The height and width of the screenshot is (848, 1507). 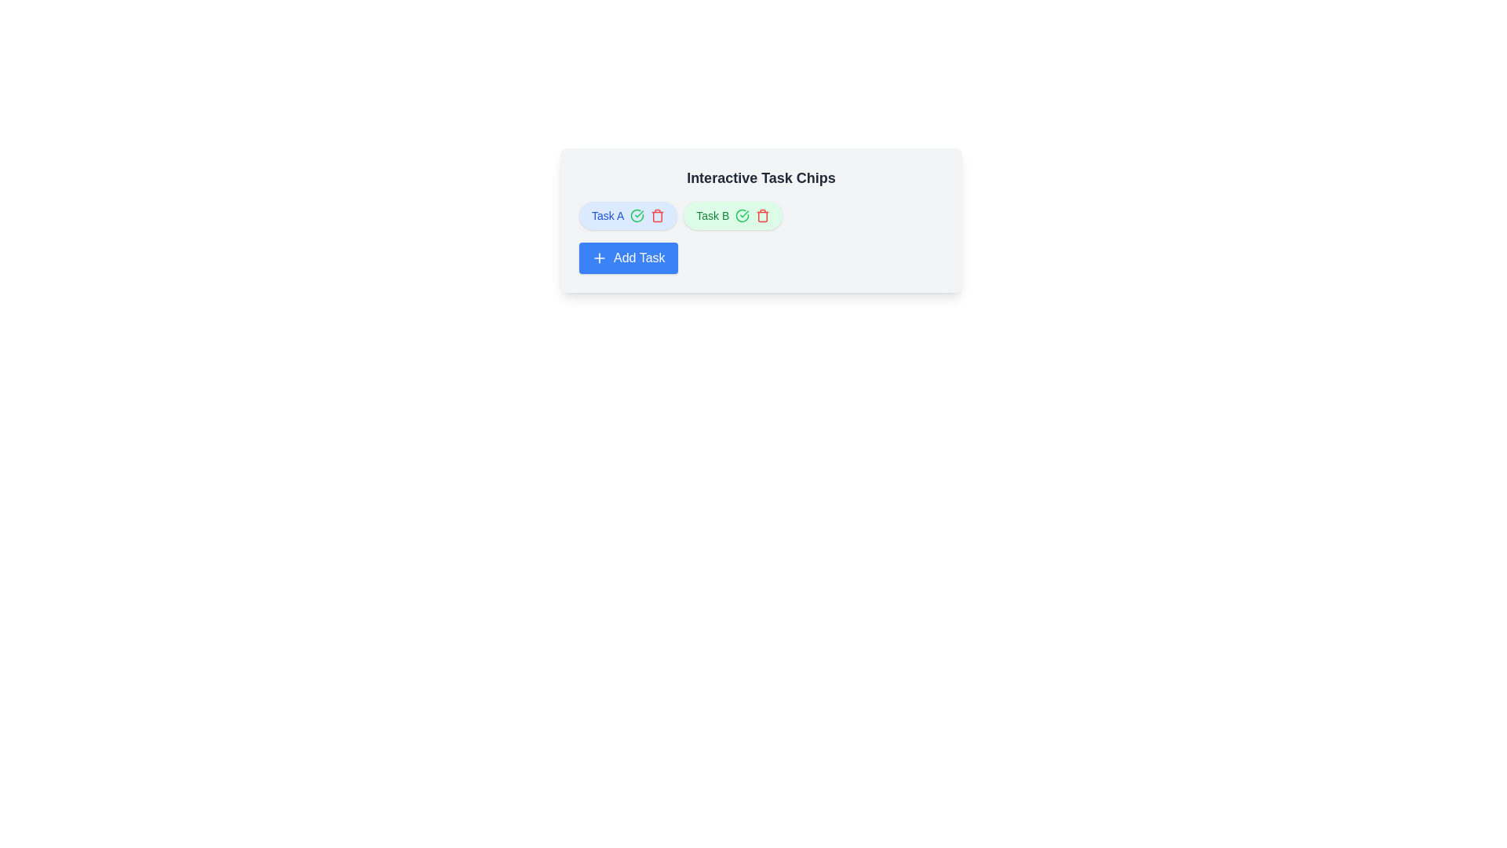 I want to click on the completion button located between the 'Task A' label and the red trash icon, so click(x=637, y=215).